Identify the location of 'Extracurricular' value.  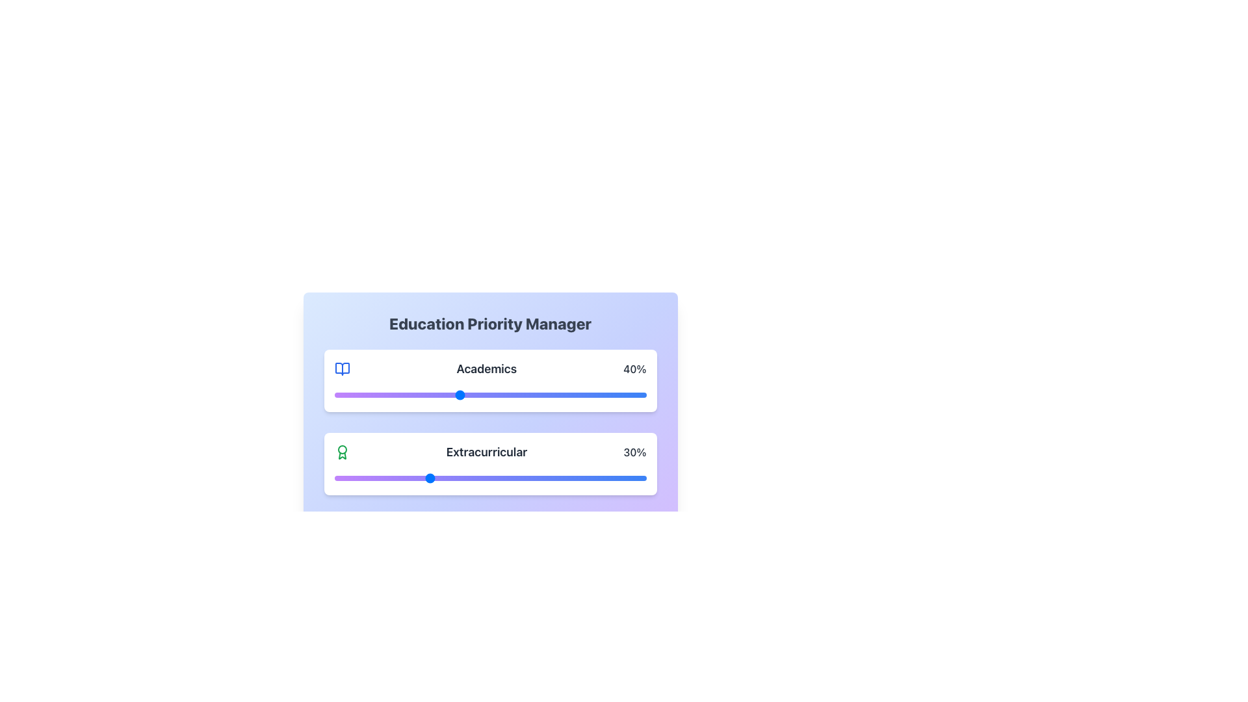
(580, 478).